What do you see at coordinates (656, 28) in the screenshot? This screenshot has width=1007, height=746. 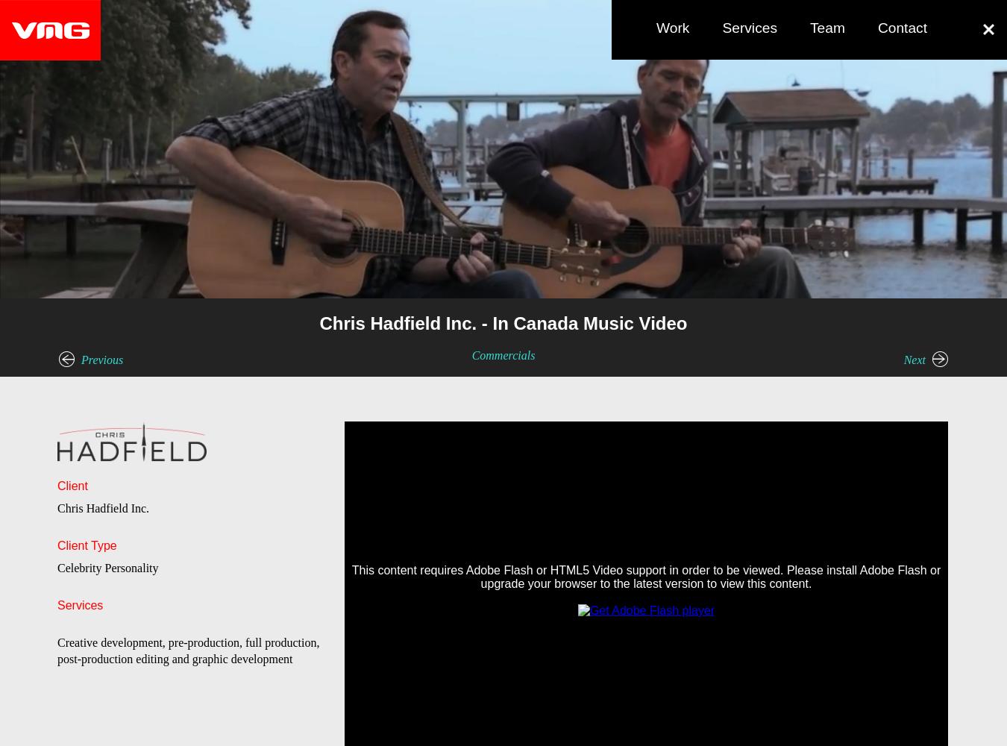 I see `'Work'` at bounding box center [656, 28].